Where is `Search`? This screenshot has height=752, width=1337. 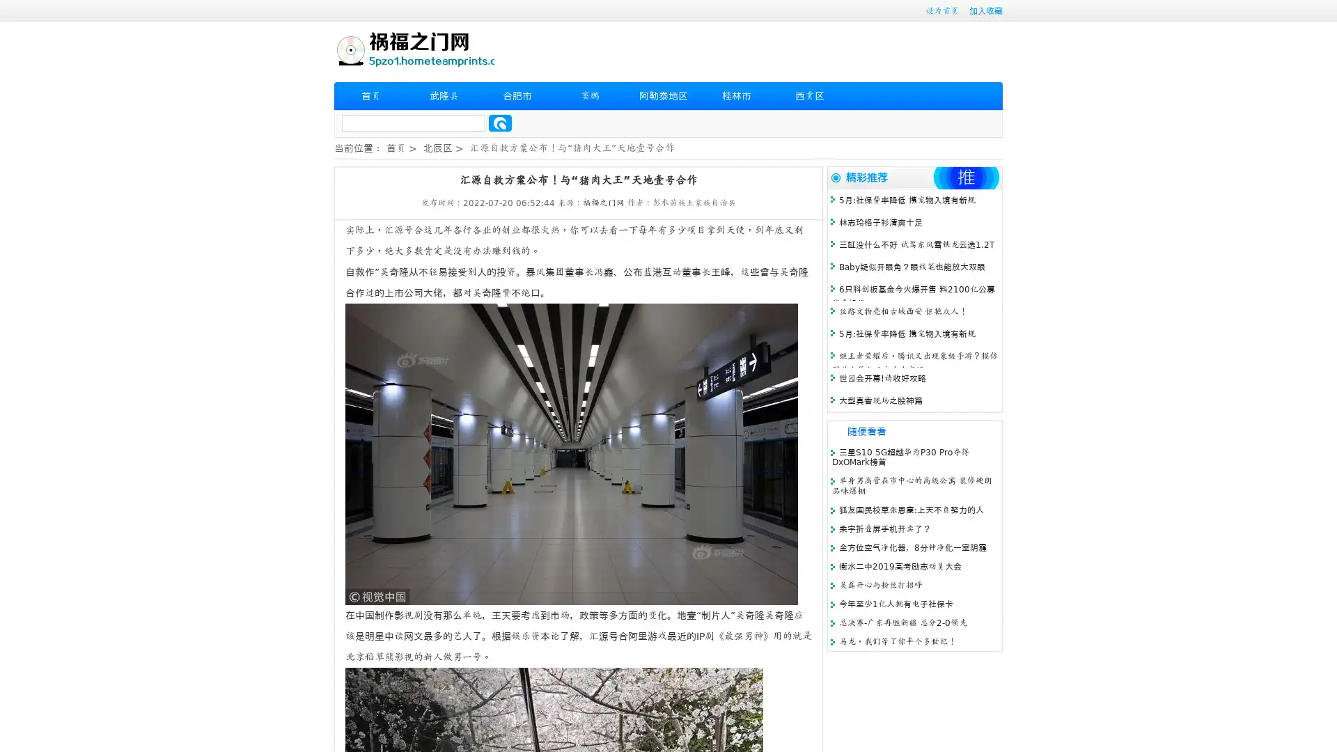
Search is located at coordinates (500, 123).